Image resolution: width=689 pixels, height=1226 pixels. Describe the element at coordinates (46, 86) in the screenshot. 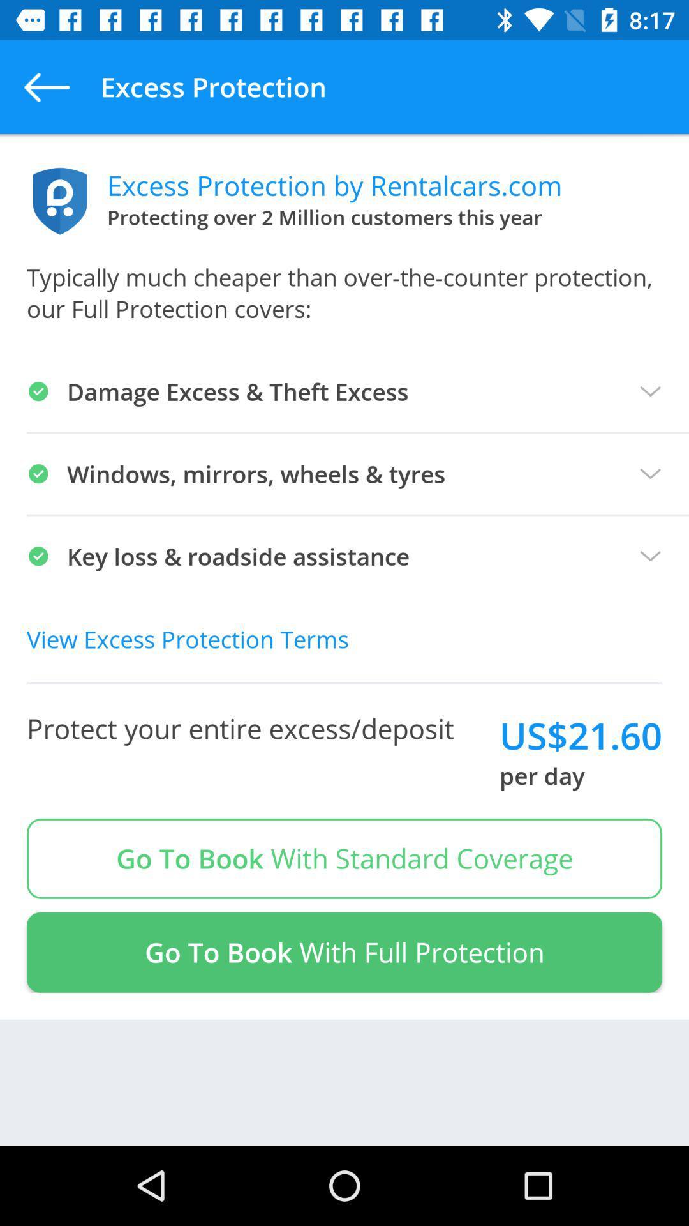

I see `the app next to the excess protection item` at that location.